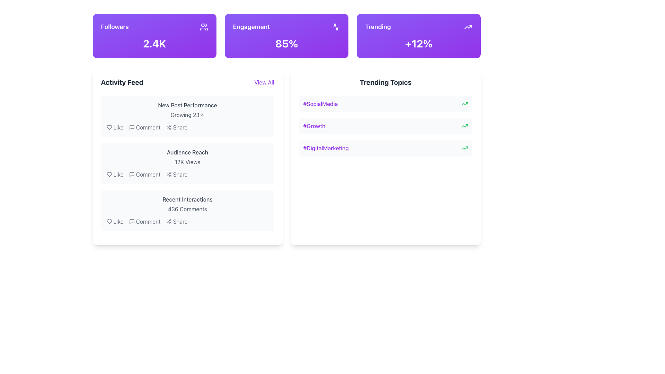  I want to click on the trending topic labeled '#Growth', which is the second entry in the 'Trending Topics' section located between '#SocialMedia' and '#DigitalMarketing', so click(385, 126).